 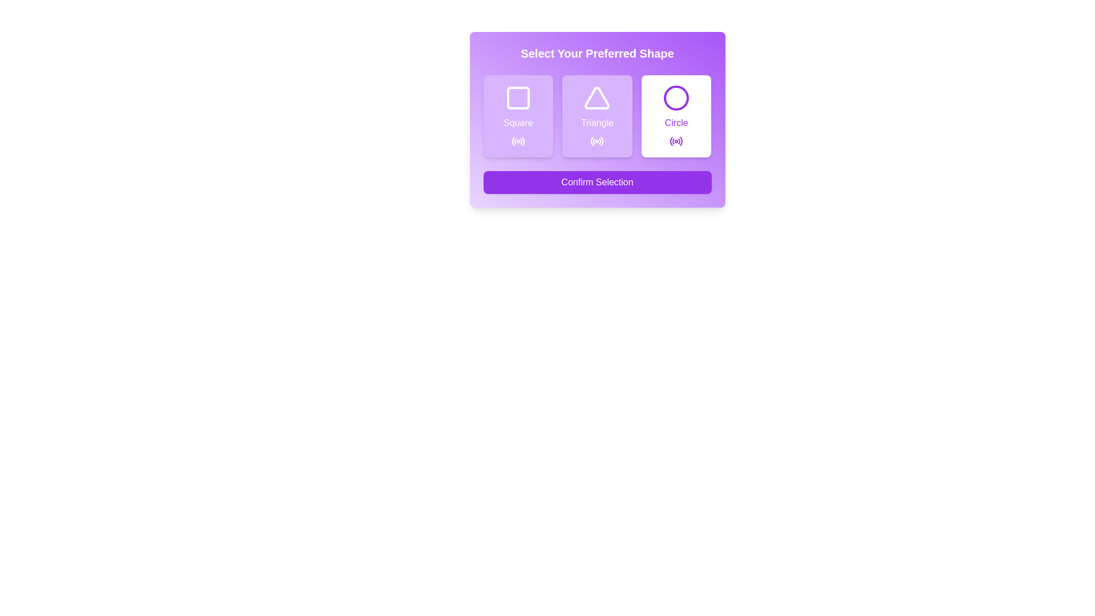 What do you see at coordinates (597, 123) in the screenshot?
I see `the text label that represents the triangular selection option, located in the middle of a three-item selection group within the dialog titled 'Select Your Preferred Shape'` at bounding box center [597, 123].